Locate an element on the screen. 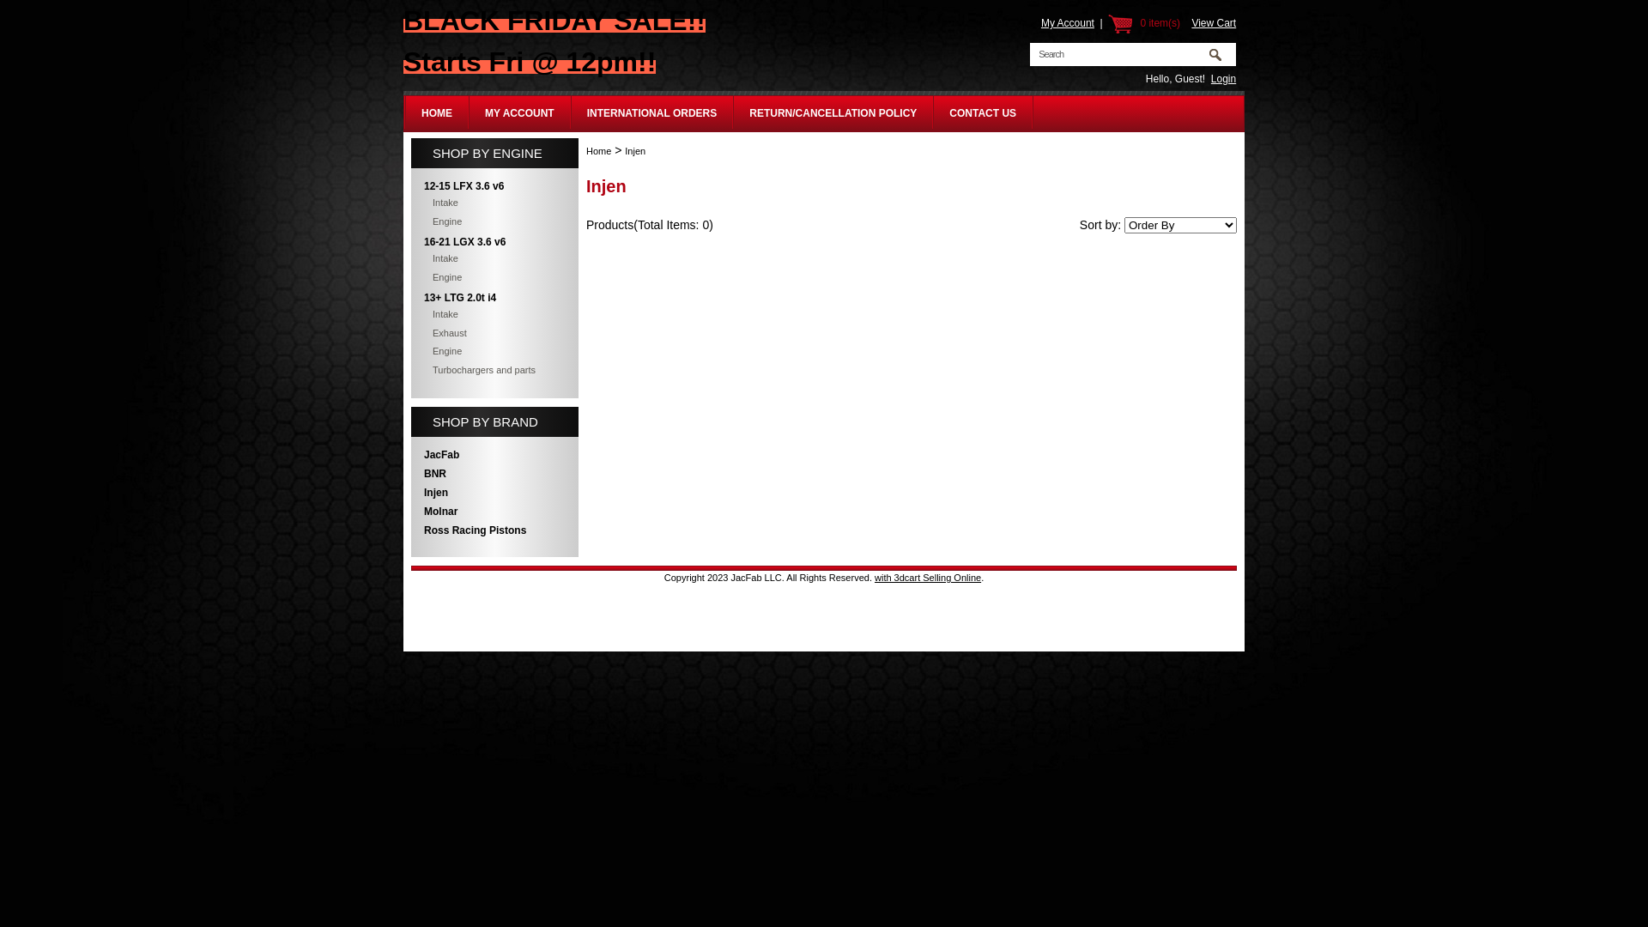  'My Account' is located at coordinates (1066, 23).